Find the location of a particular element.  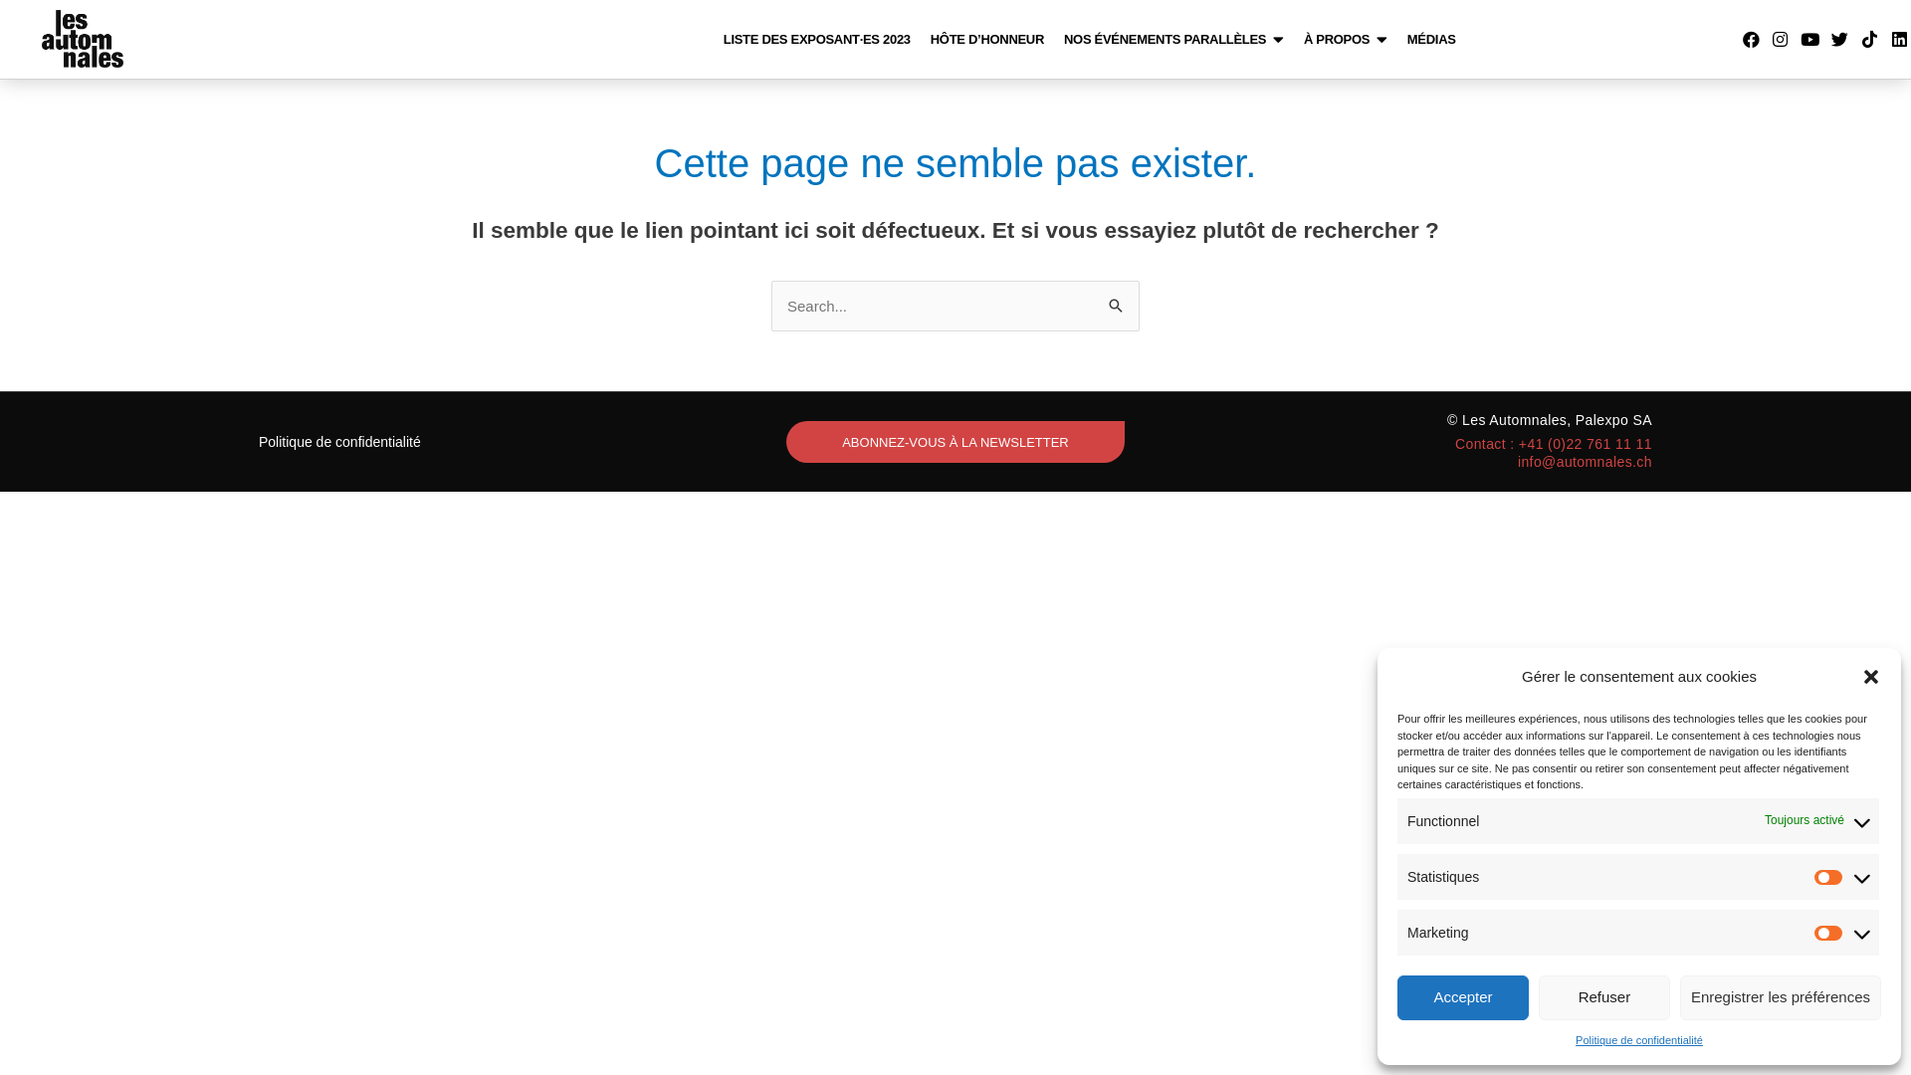

'Tiktok' is located at coordinates (1867, 39).